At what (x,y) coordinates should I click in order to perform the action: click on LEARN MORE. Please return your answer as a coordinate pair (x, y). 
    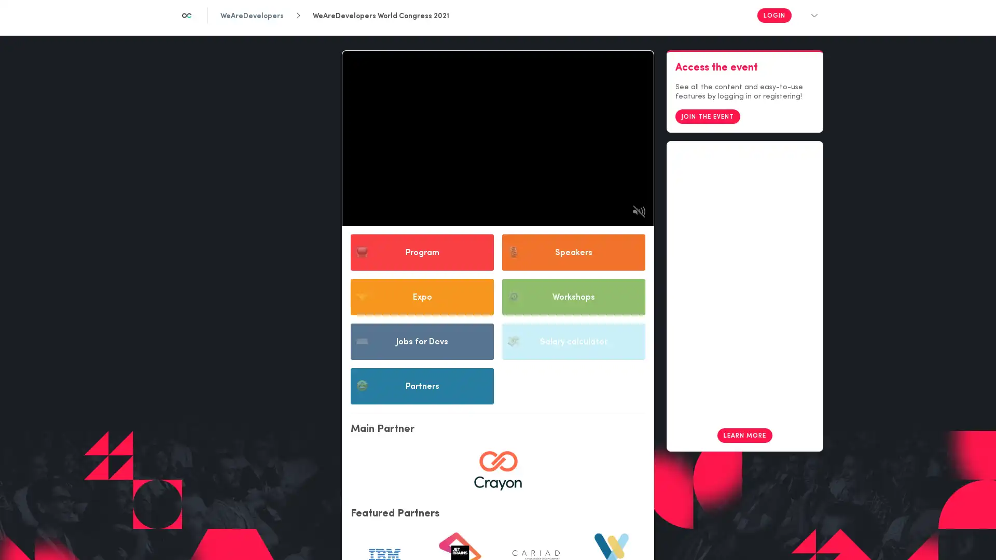
    Looking at the image, I should click on (744, 453).